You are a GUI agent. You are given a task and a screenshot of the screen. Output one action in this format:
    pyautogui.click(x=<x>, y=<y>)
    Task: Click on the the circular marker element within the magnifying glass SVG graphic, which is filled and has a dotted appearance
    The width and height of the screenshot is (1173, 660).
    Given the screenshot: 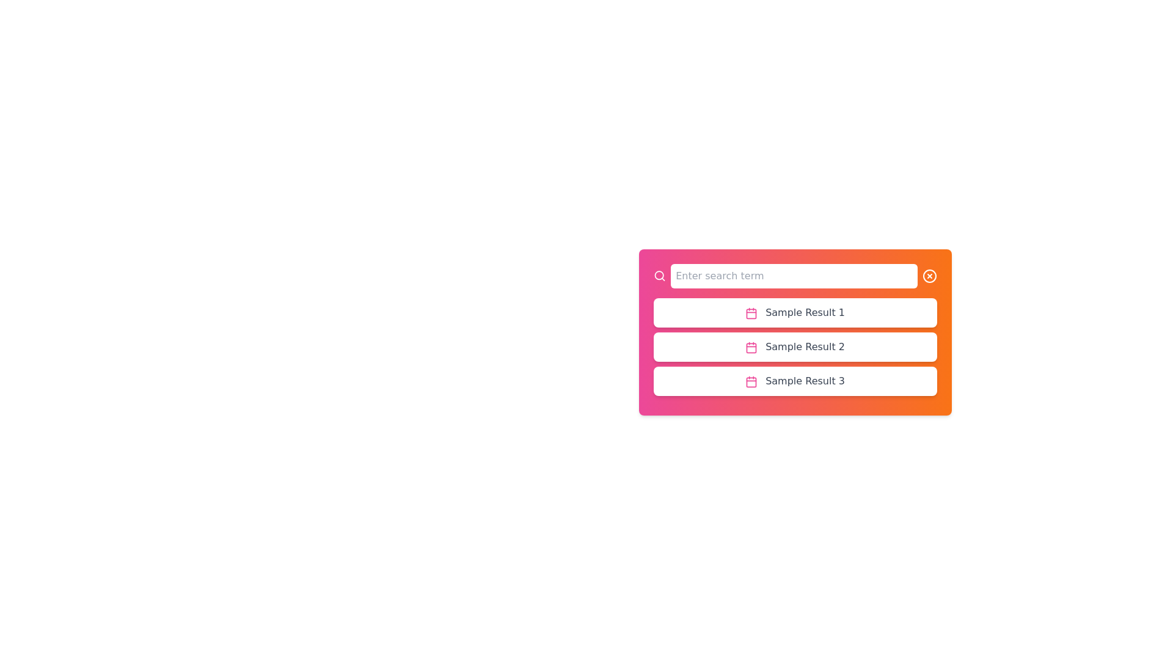 What is the action you would take?
    pyautogui.click(x=659, y=276)
    